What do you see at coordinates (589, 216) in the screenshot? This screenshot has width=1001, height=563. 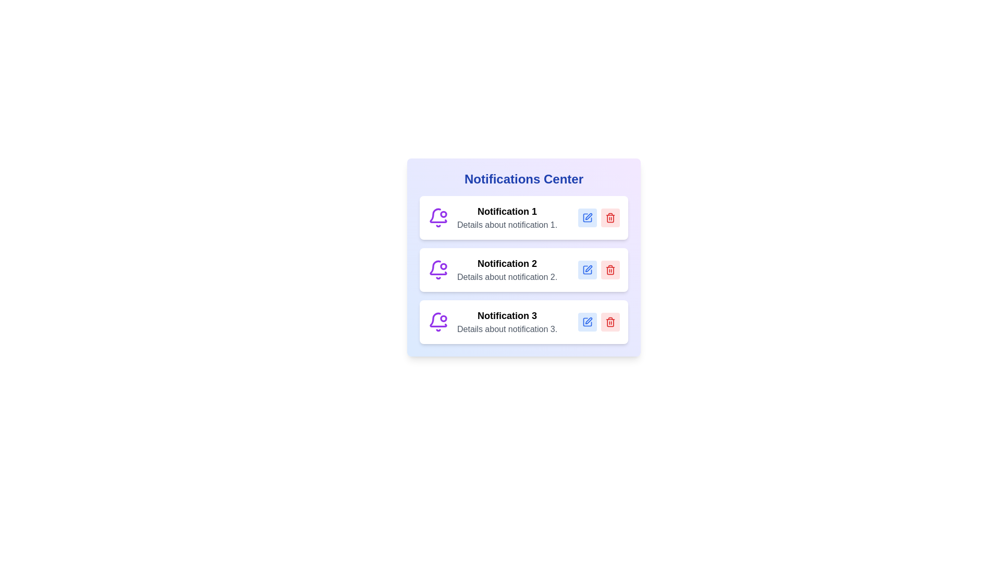 I see `the edit icon located to the right of the first notification in the Notifications Center for keyboard interaction` at bounding box center [589, 216].